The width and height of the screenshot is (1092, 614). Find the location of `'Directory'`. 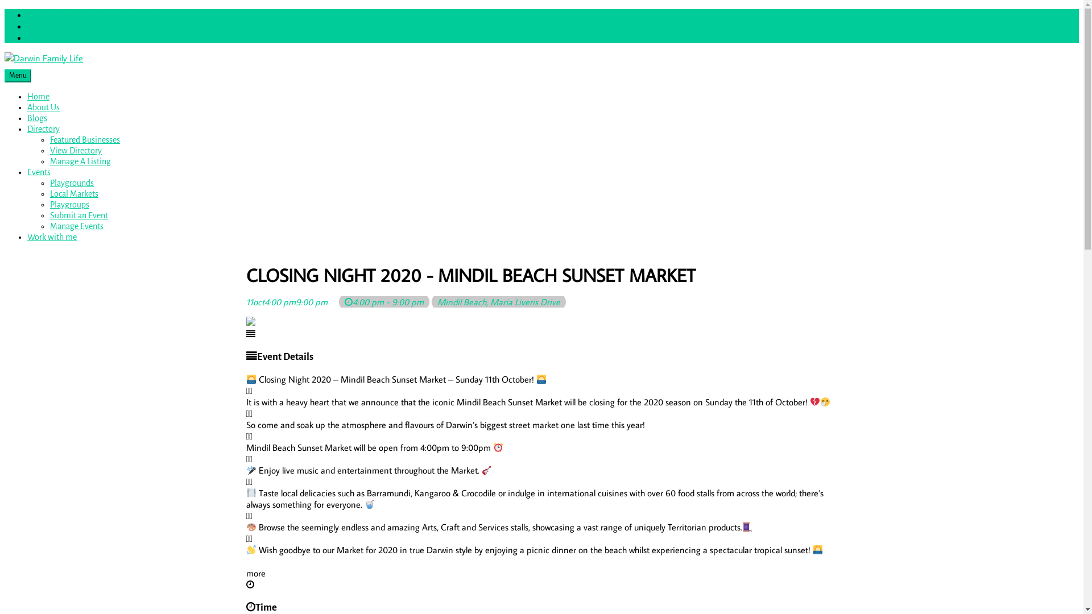

'Directory' is located at coordinates (43, 128).